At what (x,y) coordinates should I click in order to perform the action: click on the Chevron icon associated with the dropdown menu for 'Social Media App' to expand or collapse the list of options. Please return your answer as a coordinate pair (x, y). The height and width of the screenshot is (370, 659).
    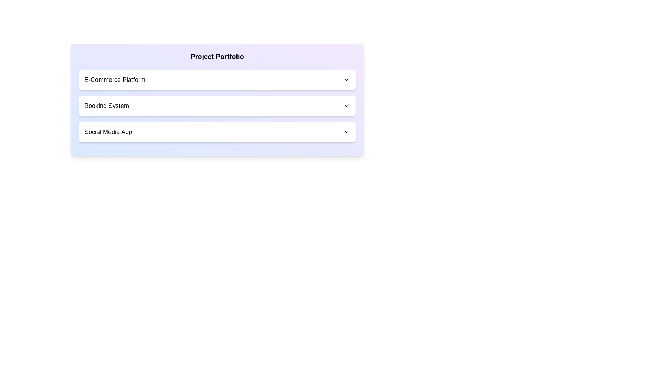
    Looking at the image, I should click on (346, 132).